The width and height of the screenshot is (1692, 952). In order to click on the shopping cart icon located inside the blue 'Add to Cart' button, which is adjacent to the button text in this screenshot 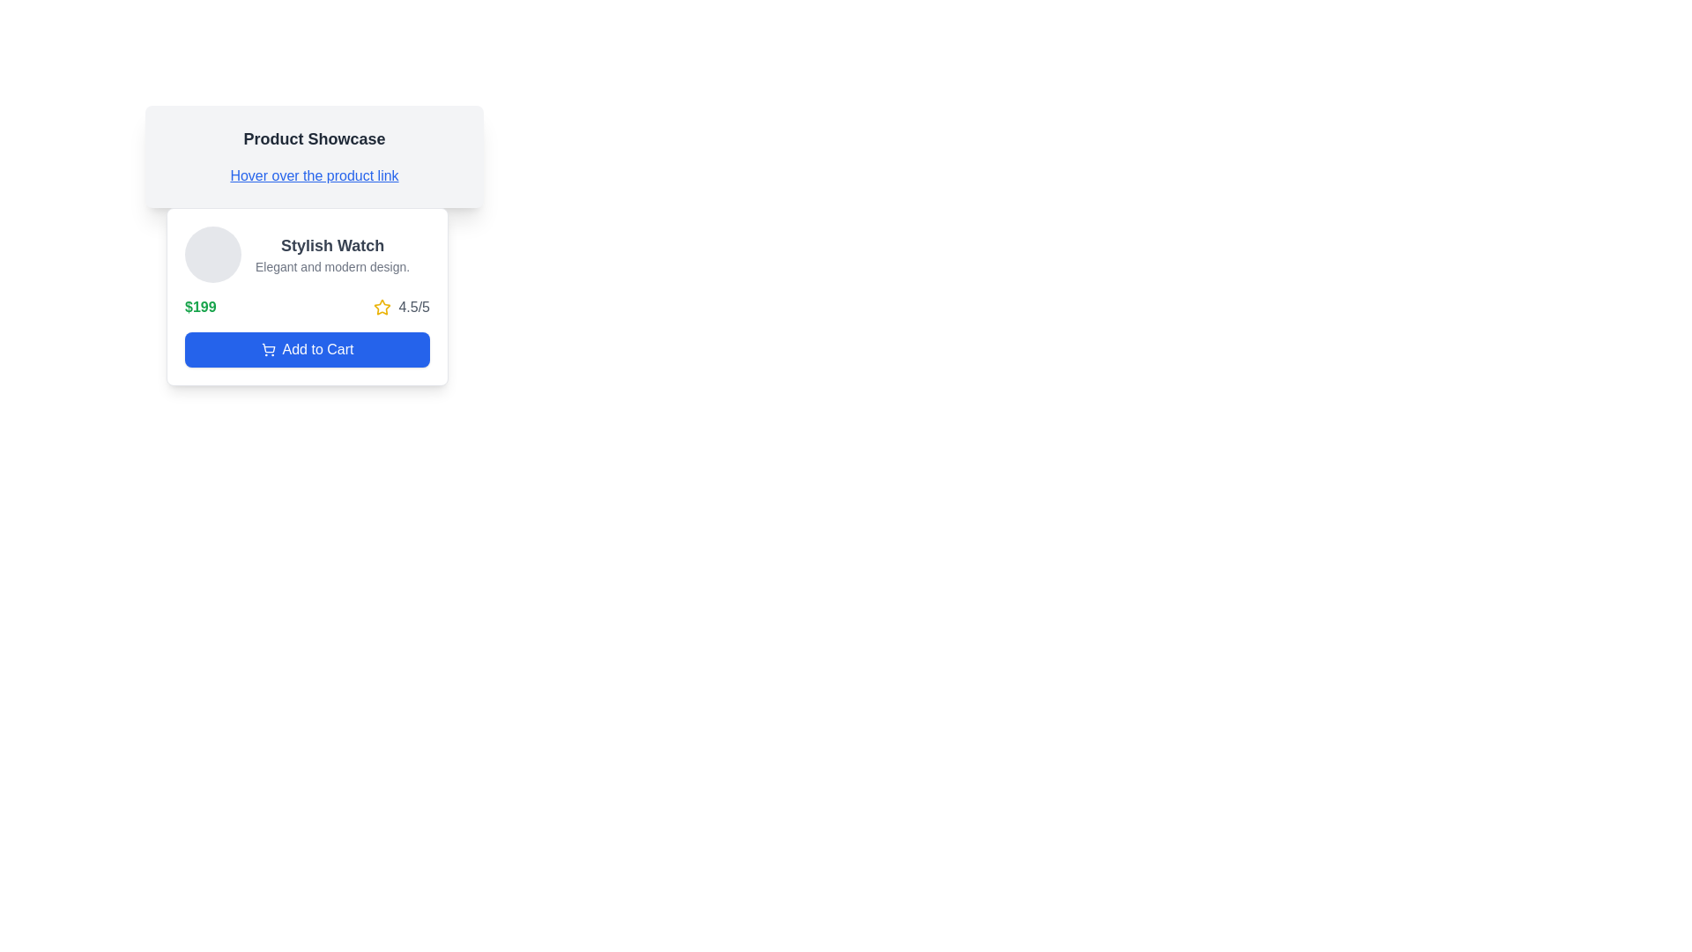, I will do `click(267, 350)`.